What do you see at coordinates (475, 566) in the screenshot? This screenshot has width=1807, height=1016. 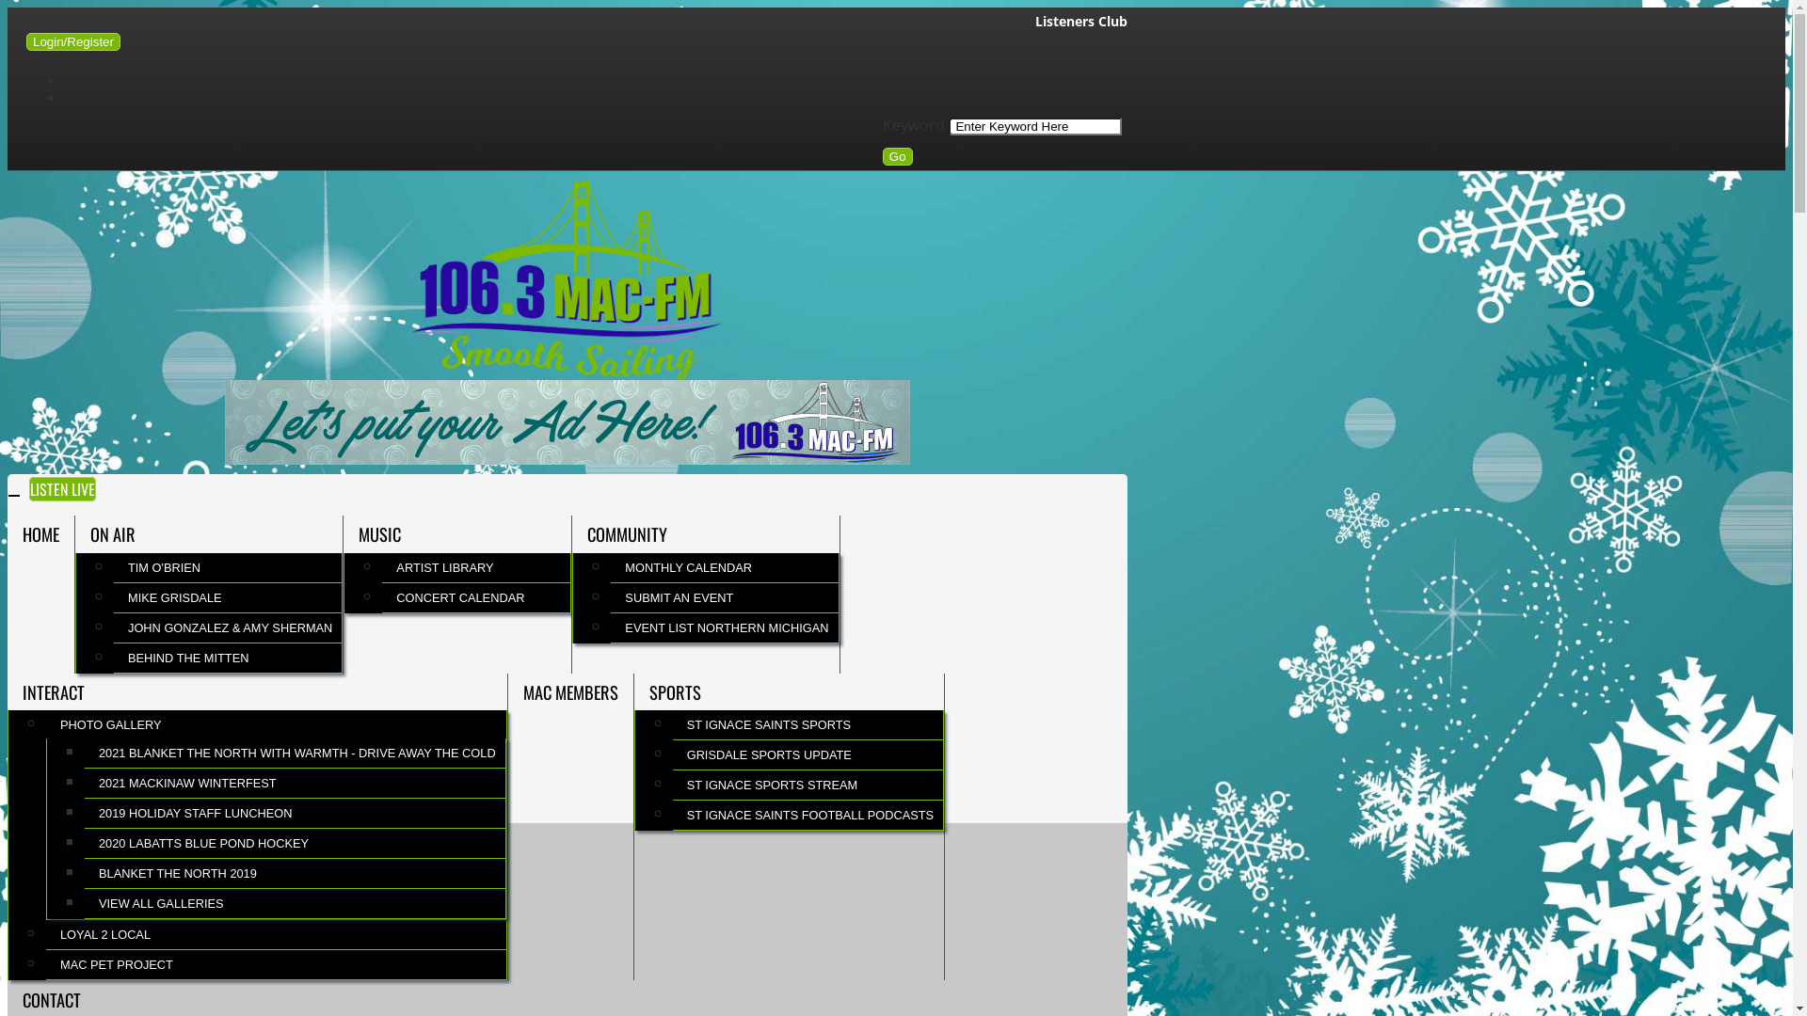 I see `'ARTIST LIBRARY'` at bounding box center [475, 566].